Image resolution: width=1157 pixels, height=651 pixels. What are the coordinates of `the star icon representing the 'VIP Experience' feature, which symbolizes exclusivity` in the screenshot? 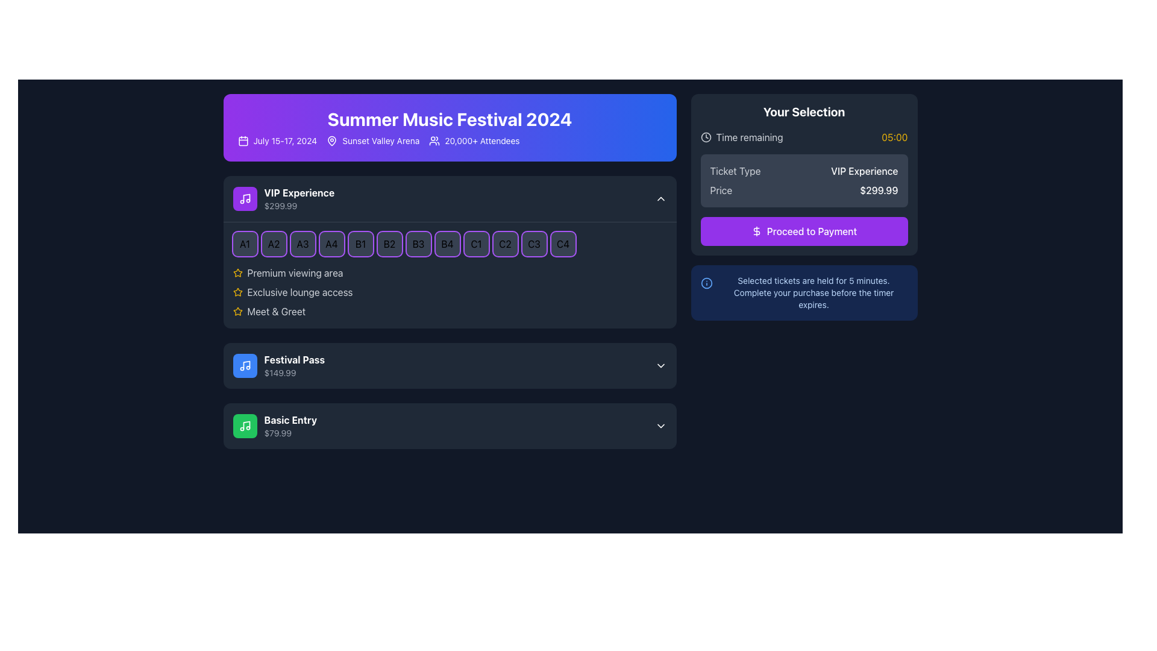 It's located at (237, 272).